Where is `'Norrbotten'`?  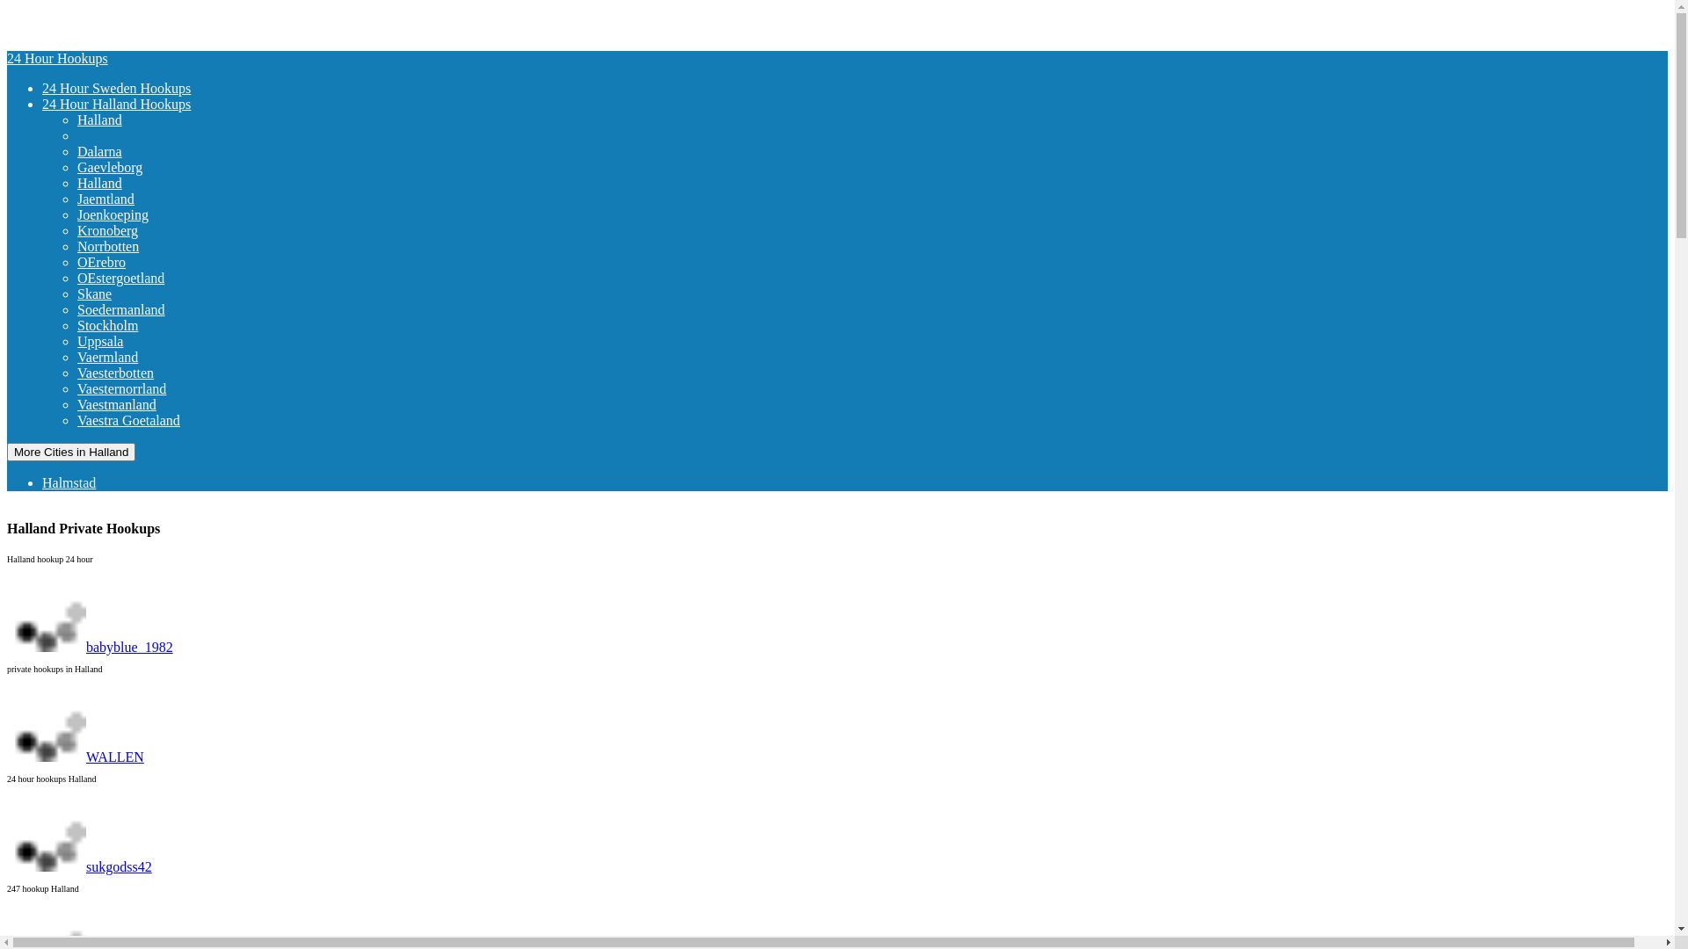 'Norrbotten' is located at coordinates (138, 246).